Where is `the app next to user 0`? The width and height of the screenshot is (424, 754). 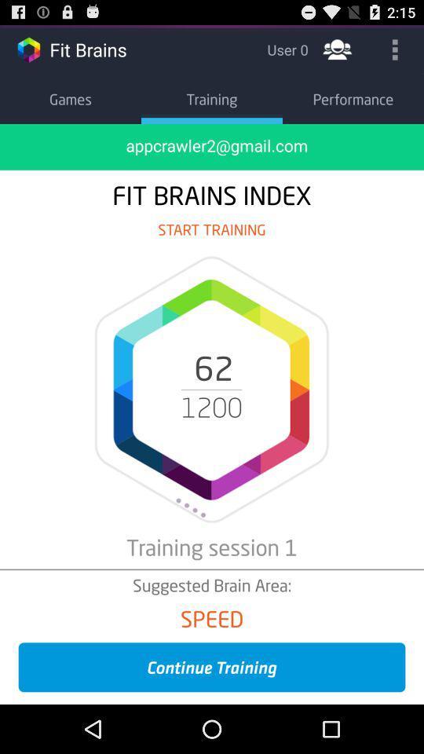
the app next to user 0 is located at coordinates (336, 49).